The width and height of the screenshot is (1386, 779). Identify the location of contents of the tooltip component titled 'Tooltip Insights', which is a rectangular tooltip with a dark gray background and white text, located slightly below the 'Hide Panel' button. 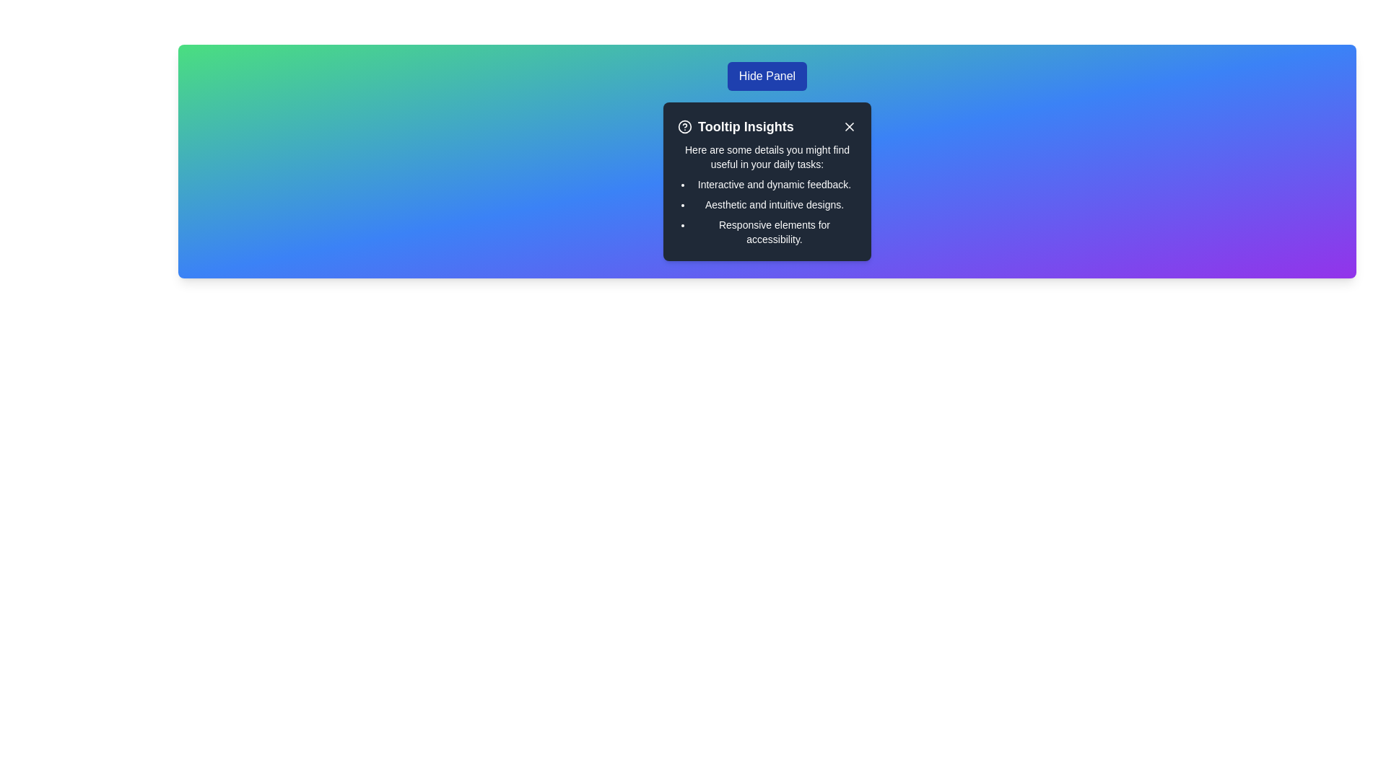
(766, 180).